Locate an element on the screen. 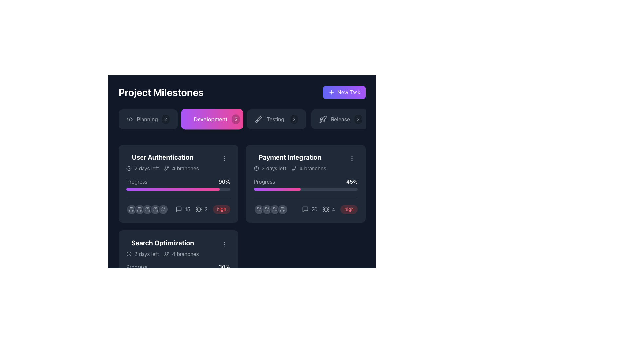  the fifth user icon associated with the 'User Authentication' project milestone located below the progress bar is located at coordinates (155, 209).